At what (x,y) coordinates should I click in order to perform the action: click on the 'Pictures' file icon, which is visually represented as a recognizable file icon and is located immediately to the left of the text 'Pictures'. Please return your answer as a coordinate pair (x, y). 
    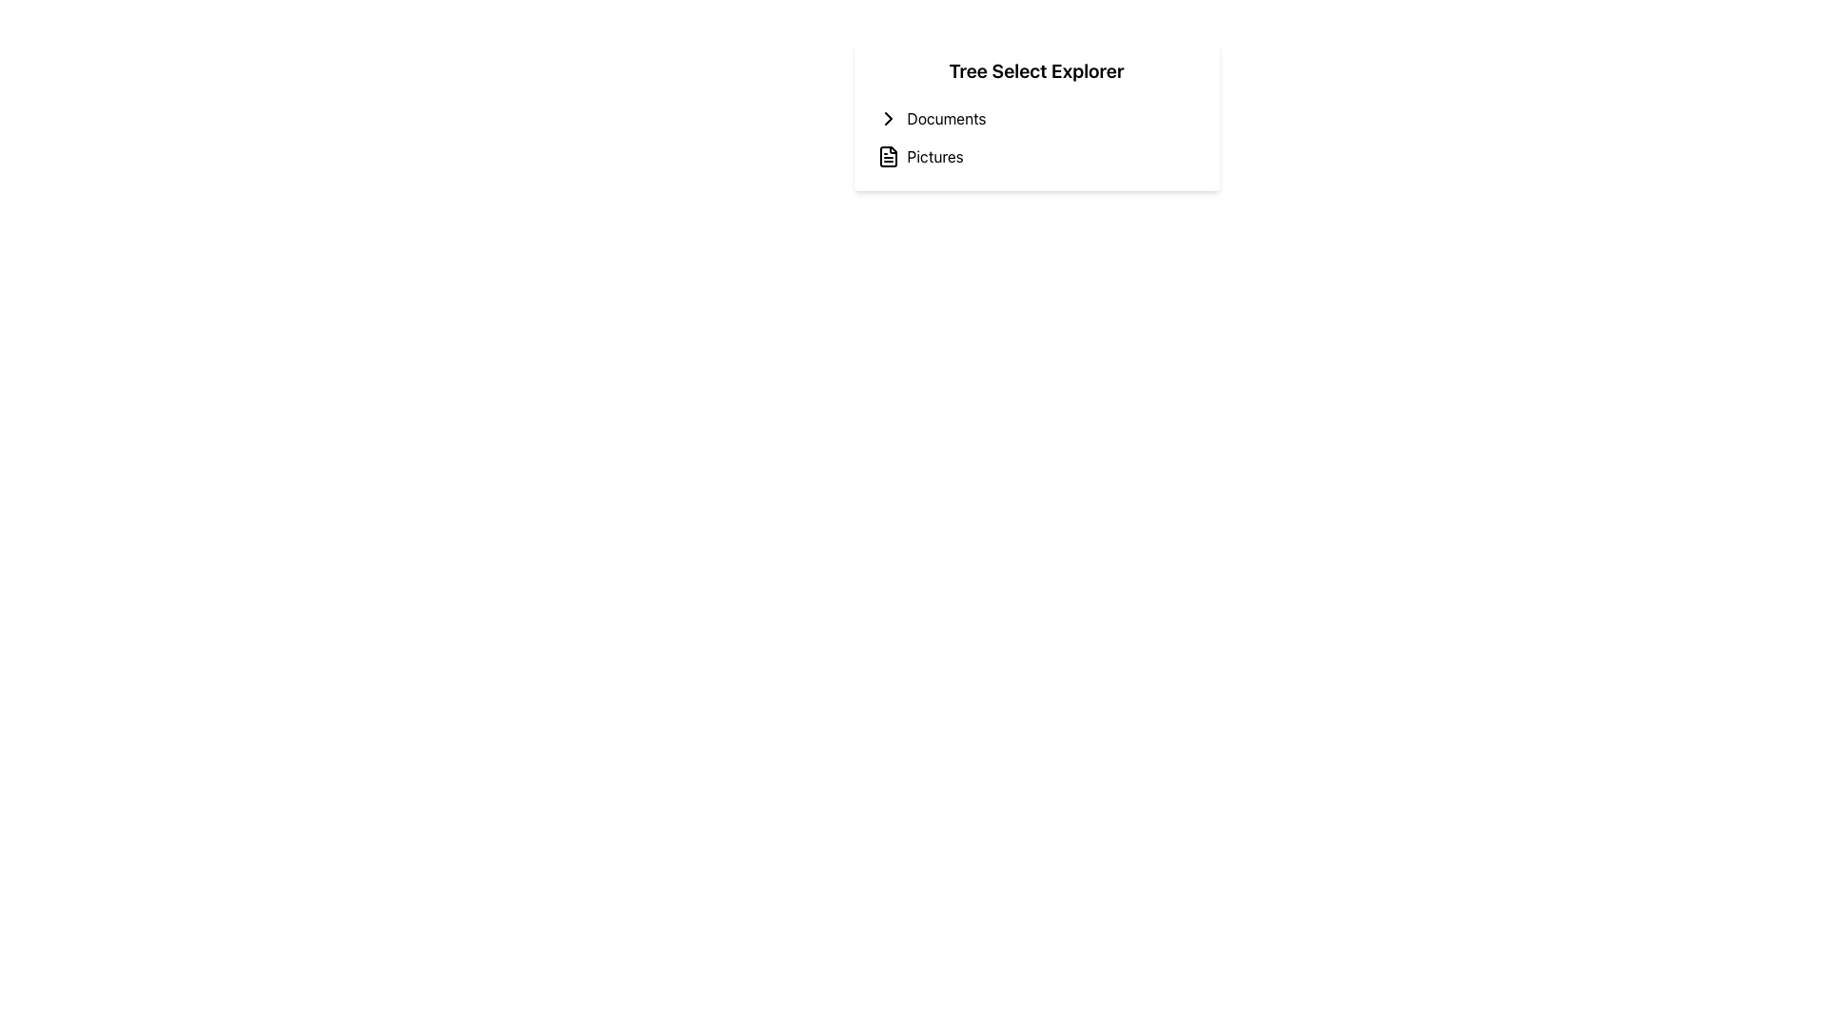
    Looking at the image, I should click on (887, 156).